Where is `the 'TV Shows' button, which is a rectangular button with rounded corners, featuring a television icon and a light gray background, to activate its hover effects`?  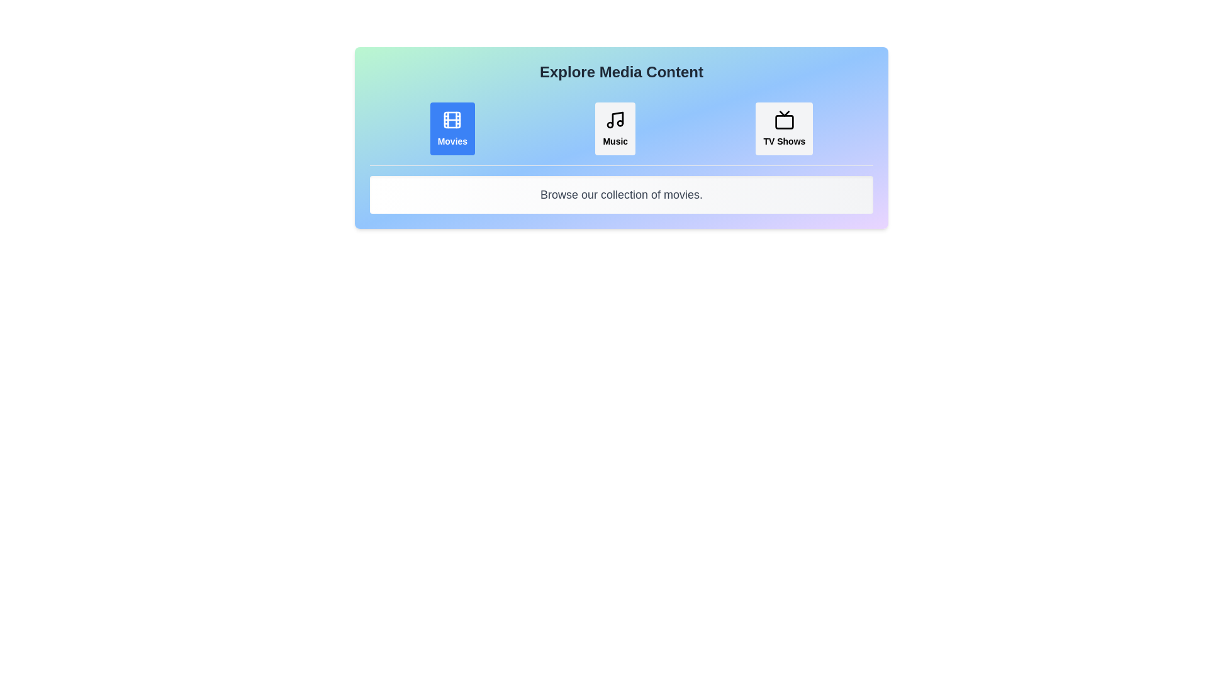
the 'TV Shows' button, which is a rectangular button with rounded corners, featuring a television icon and a light gray background, to activate its hover effects is located at coordinates (783, 128).